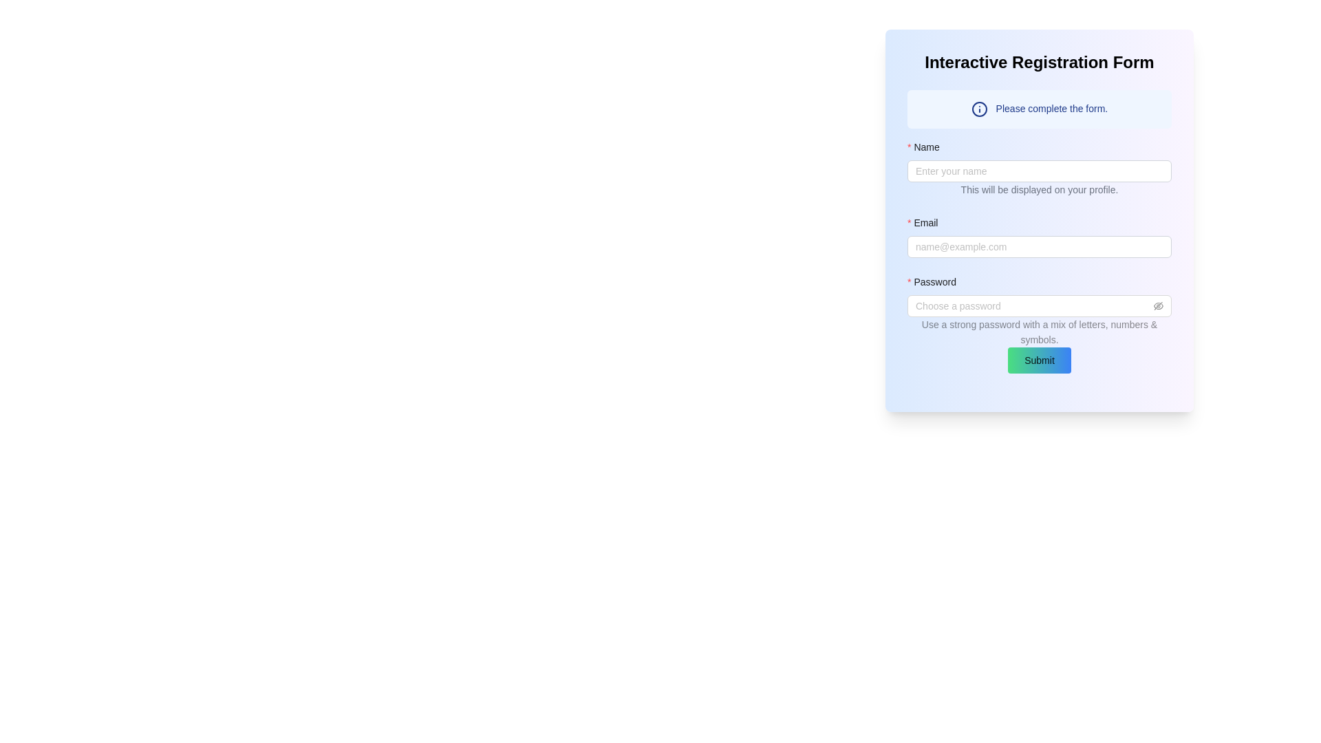 The width and height of the screenshot is (1321, 743). Describe the element at coordinates (1158, 305) in the screenshot. I see `the icon button located to the right of the 'Password' input field` at that location.